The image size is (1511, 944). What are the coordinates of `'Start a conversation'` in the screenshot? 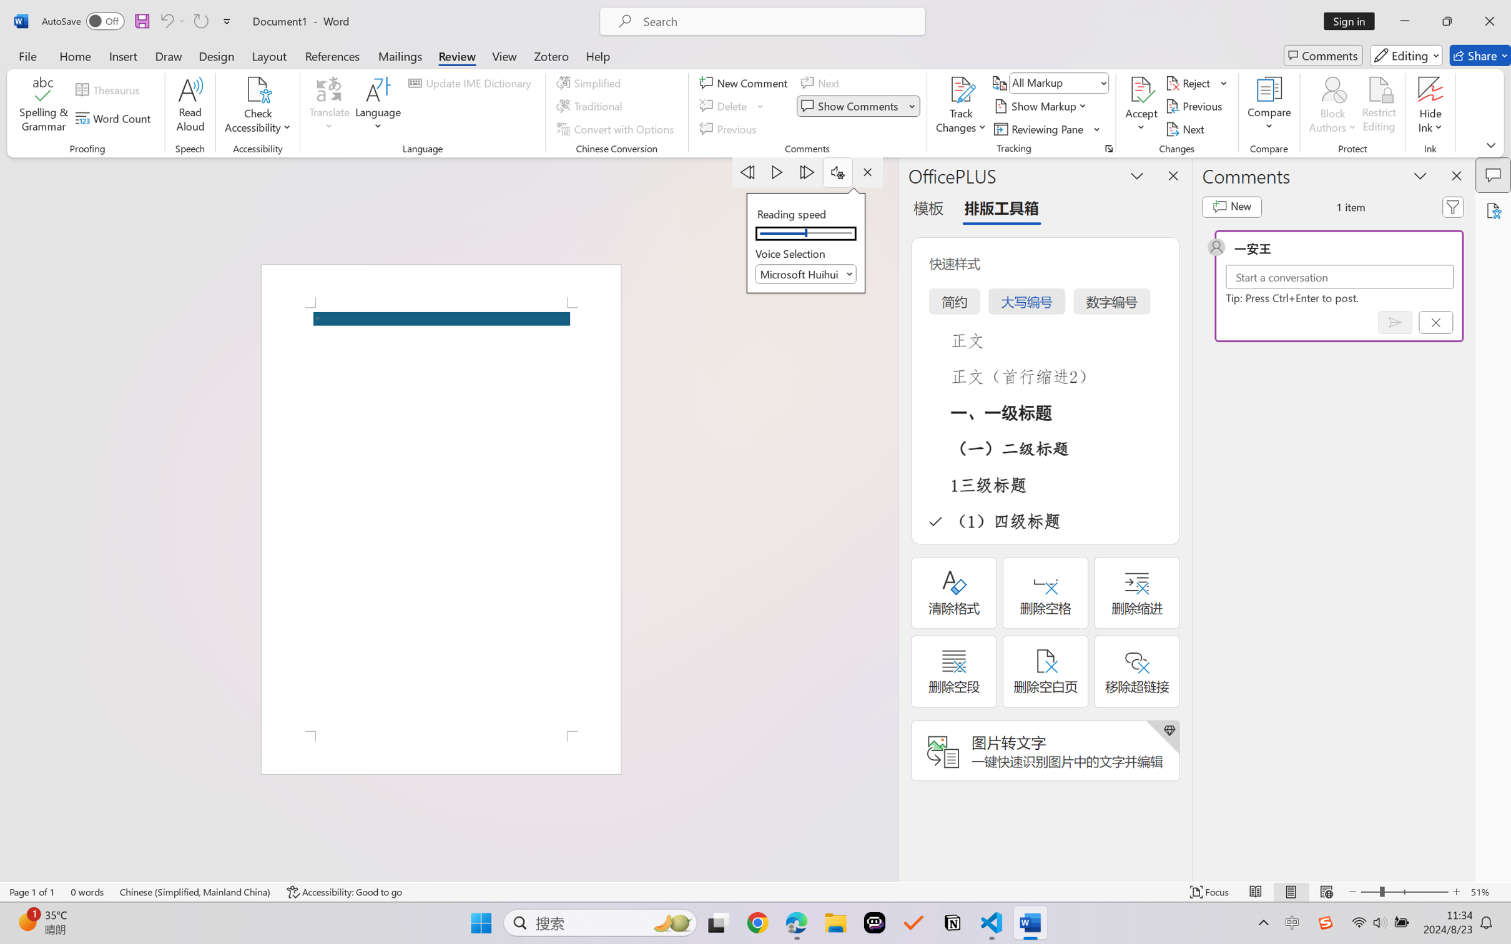 It's located at (1339, 276).